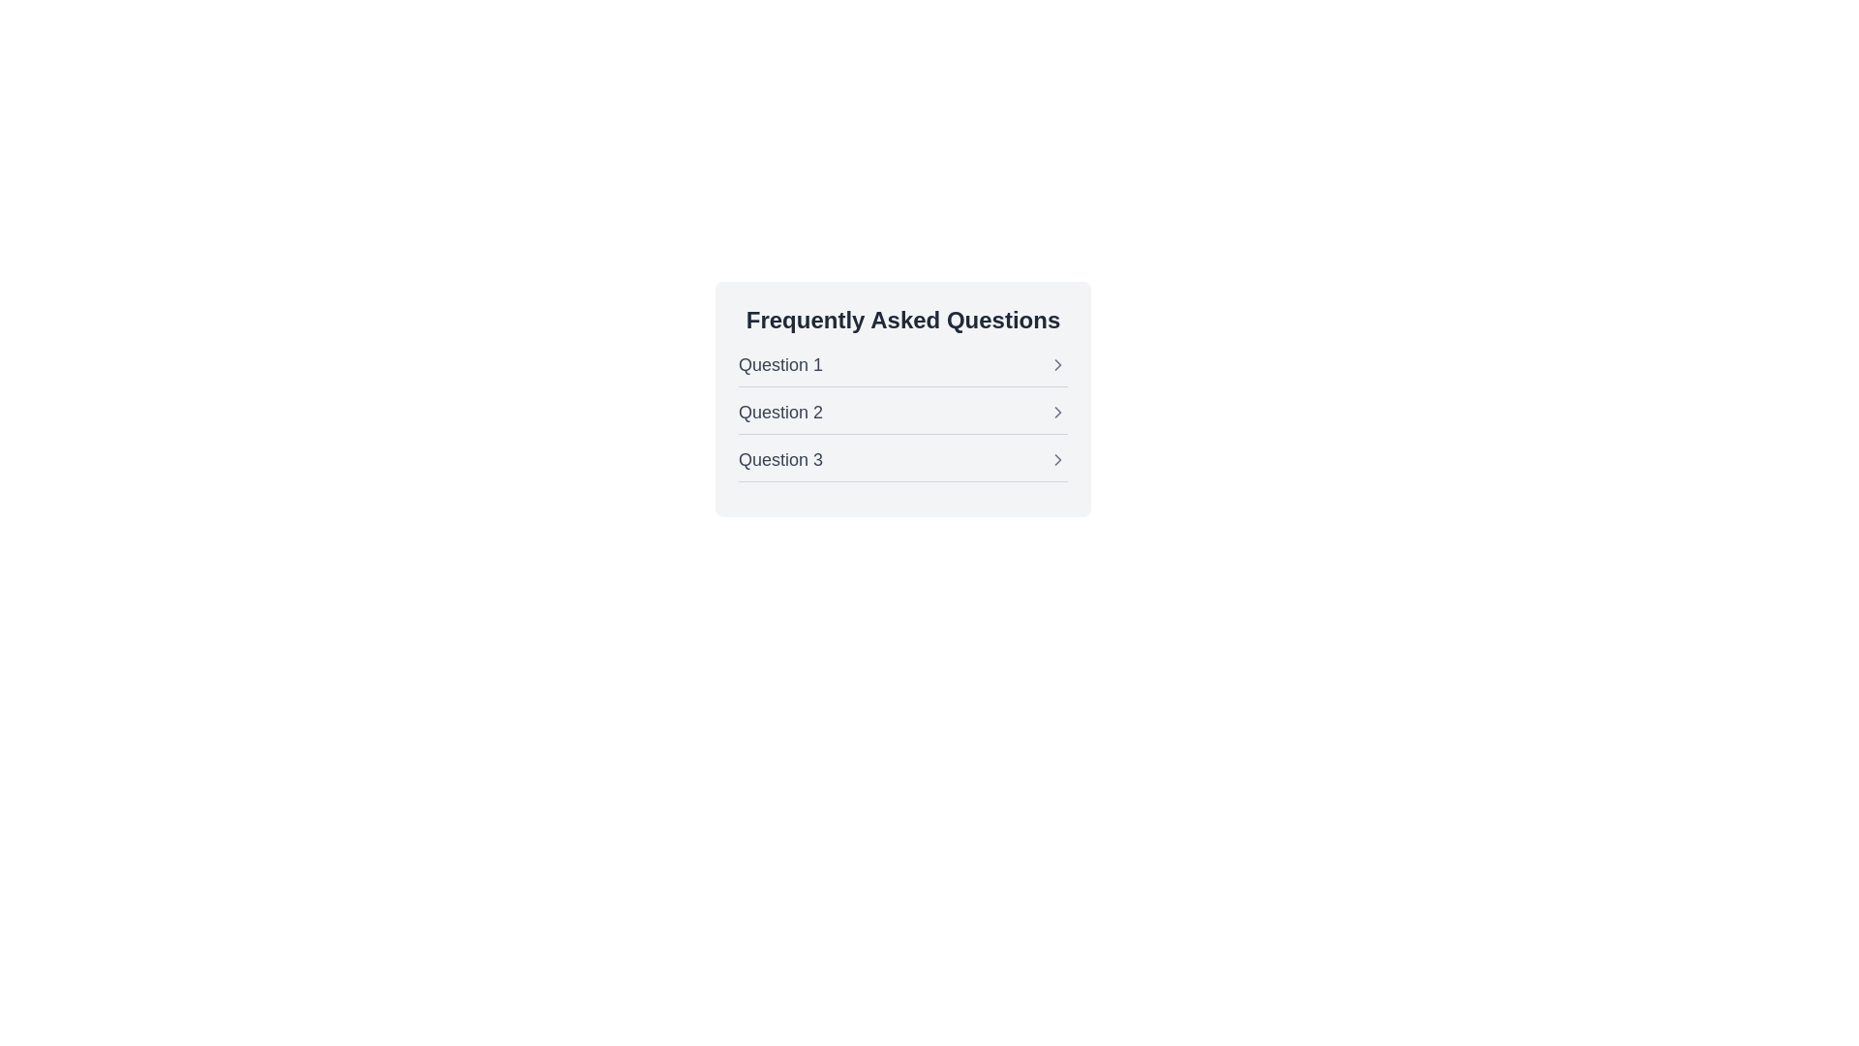  Describe the element at coordinates (1057, 411) in the screenshot. I see `the right-pointing chevron icon in the Frequently Asked Questions section` at that location.